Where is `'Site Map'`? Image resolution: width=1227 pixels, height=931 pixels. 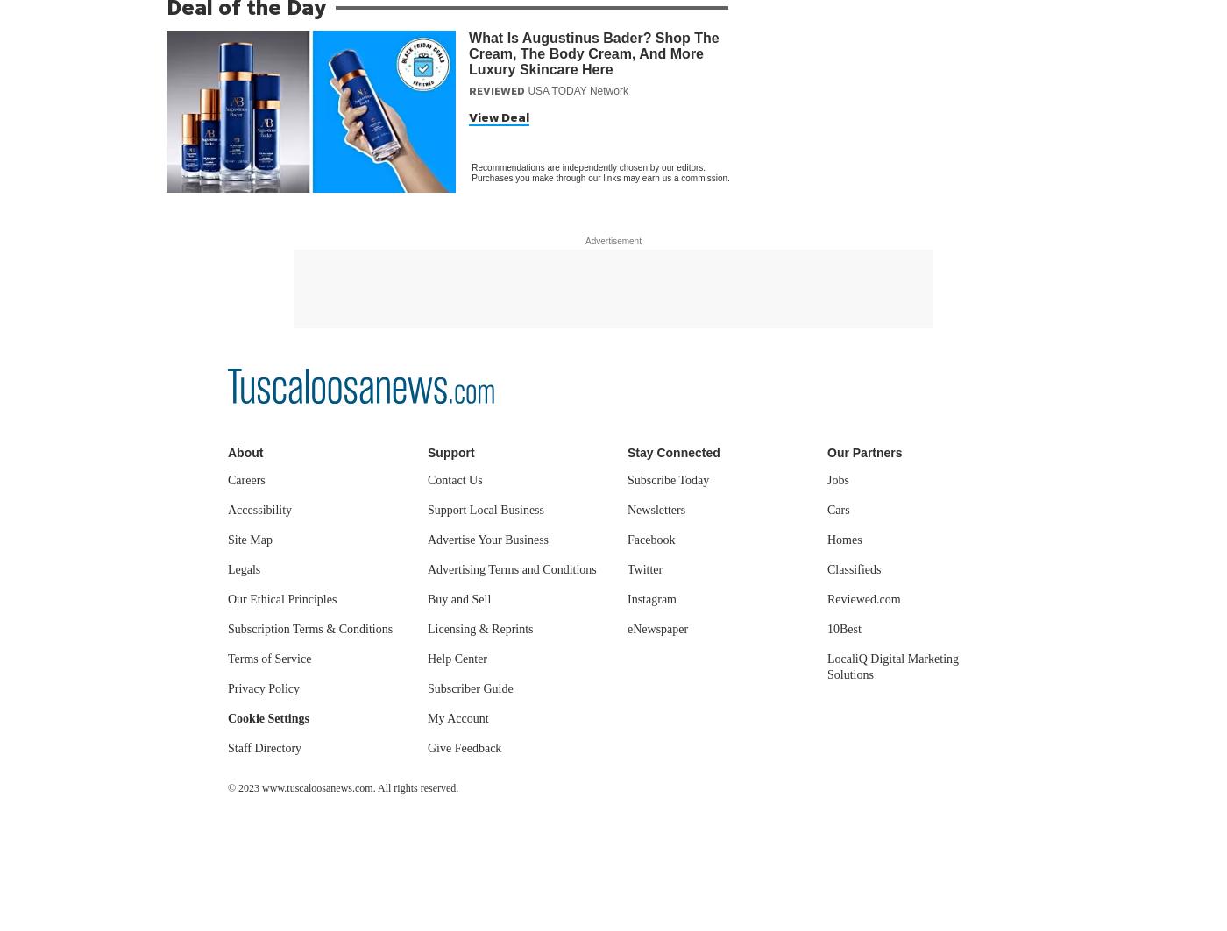
'Site Map' is located at coordinates (250, 539).